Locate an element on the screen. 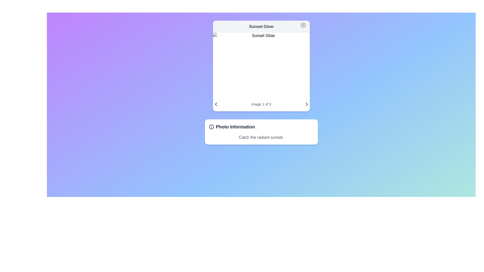  the close button located in the top-right corner of the 'Sunset Glow' card is located at coordinates (303, 25).